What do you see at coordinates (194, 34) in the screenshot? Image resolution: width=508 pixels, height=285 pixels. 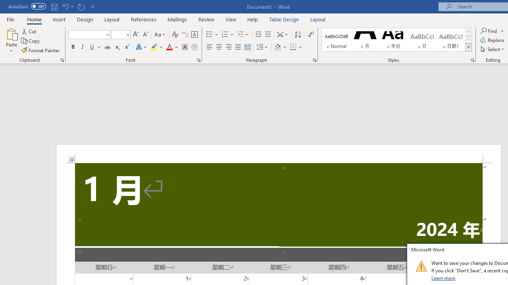 I see `'Character Border'` at bounding box center [194, 34].